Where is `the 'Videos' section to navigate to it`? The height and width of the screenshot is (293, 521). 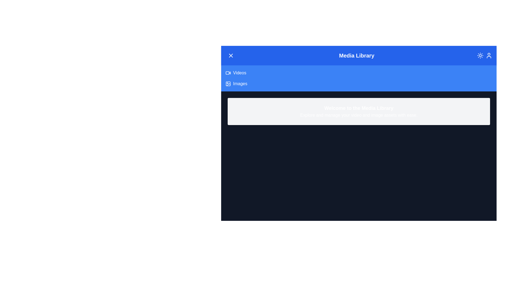
the 'Videos' section to navigate to it is located at coordinates (239, 73).